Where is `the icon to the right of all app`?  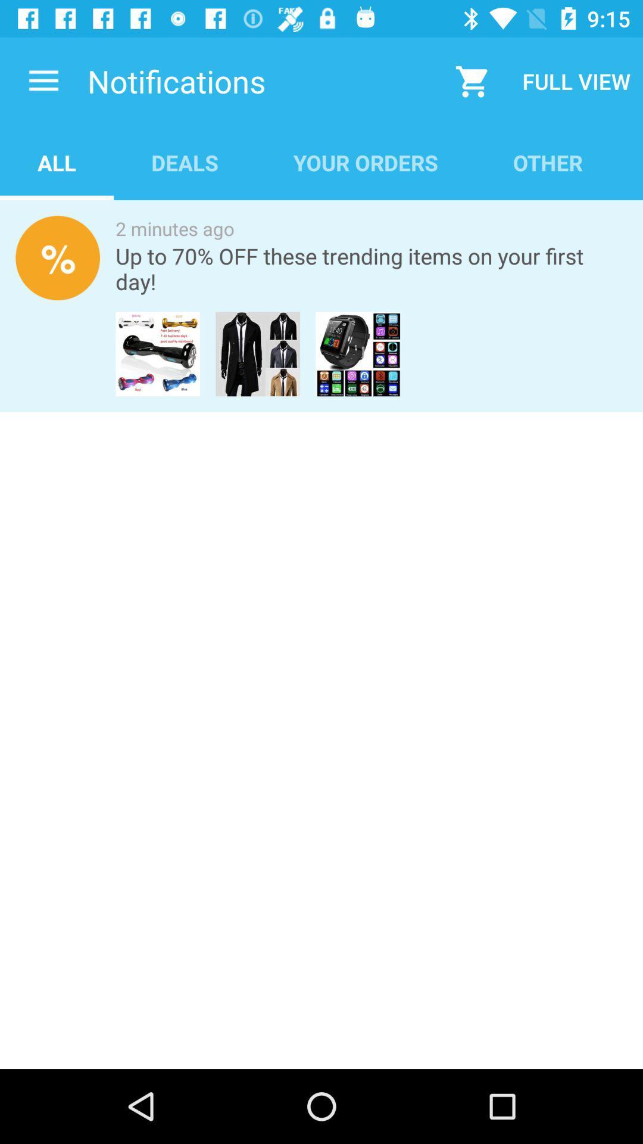 the icon to the right of all app is located at coordinates (185, 162).